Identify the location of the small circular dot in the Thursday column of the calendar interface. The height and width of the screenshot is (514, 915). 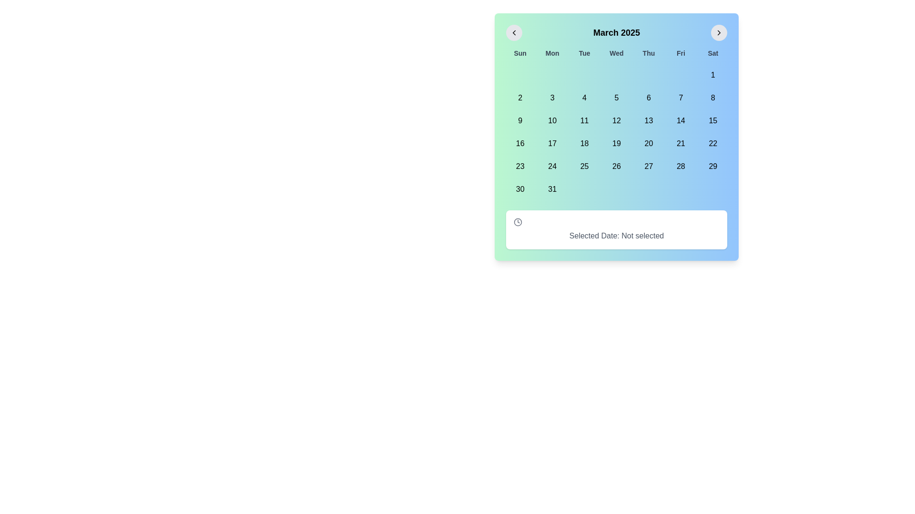
(648, 75).